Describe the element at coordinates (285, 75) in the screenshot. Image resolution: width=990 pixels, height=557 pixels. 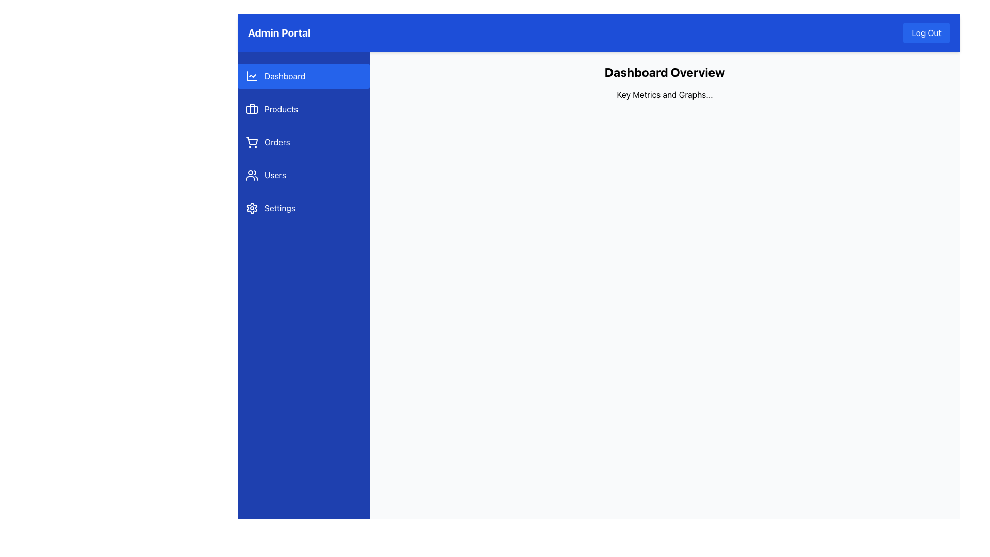
I see `the text label for the dashboard view located in the blue sidebar, beneath the 'Admin Portal' label and to the right of the chart line icon` at that location.